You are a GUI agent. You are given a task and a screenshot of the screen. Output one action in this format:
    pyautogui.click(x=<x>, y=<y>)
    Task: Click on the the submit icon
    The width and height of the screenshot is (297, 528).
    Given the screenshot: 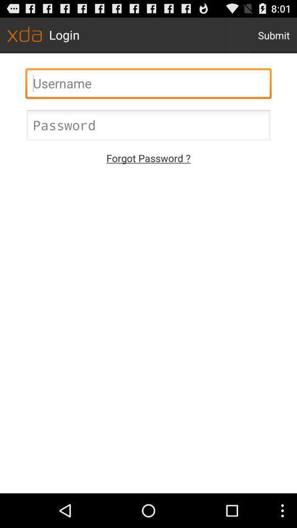 What is the action you would take?
    pyautogui.click(x=273, y=35)
    